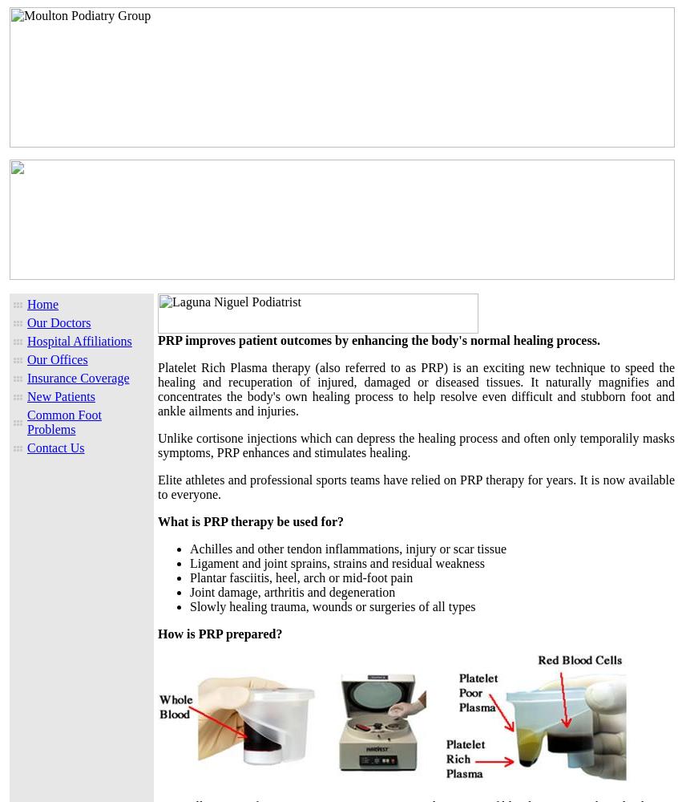  What do you see at coordinates (157, 634) in the screenshot?
I see `'How is PRP prepared?'` at bounding box center [157, 634].